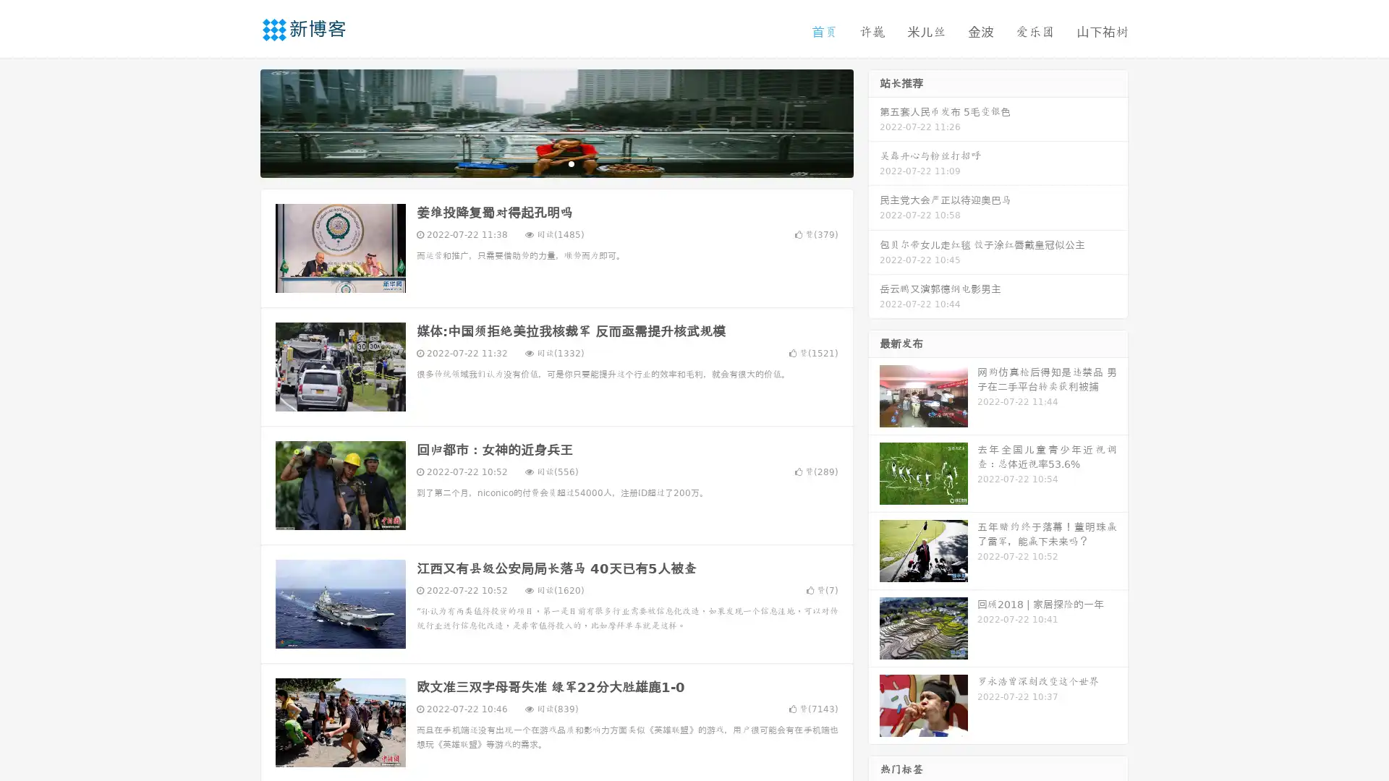 The image size is (1389, 781). I want to click on Next slide, so click(874, 121).